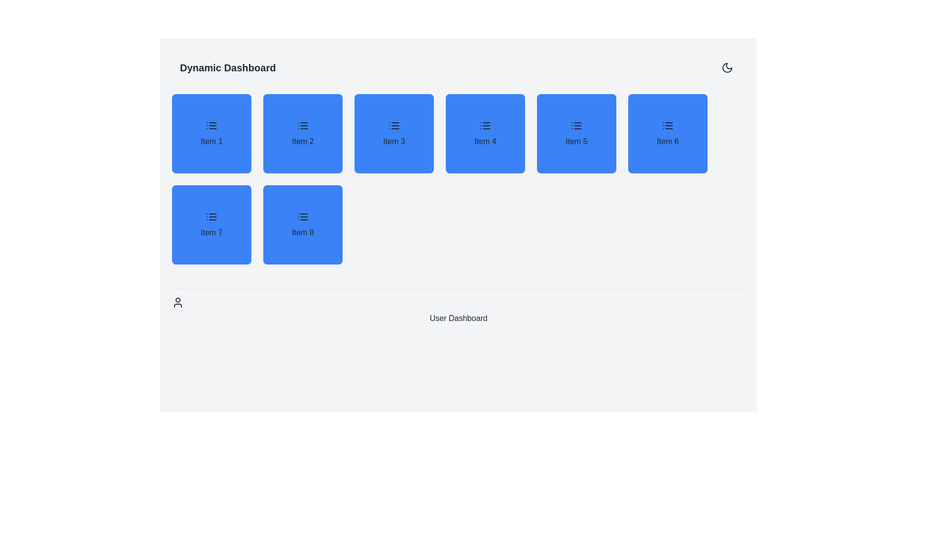  I want to click on the SVG Icon resembling three horizontal lines, styled in a minimalist design, which is located within the blue rectangular card labeled 'Item 8' in the second row and second column of the grid layout, so click(302, 216).